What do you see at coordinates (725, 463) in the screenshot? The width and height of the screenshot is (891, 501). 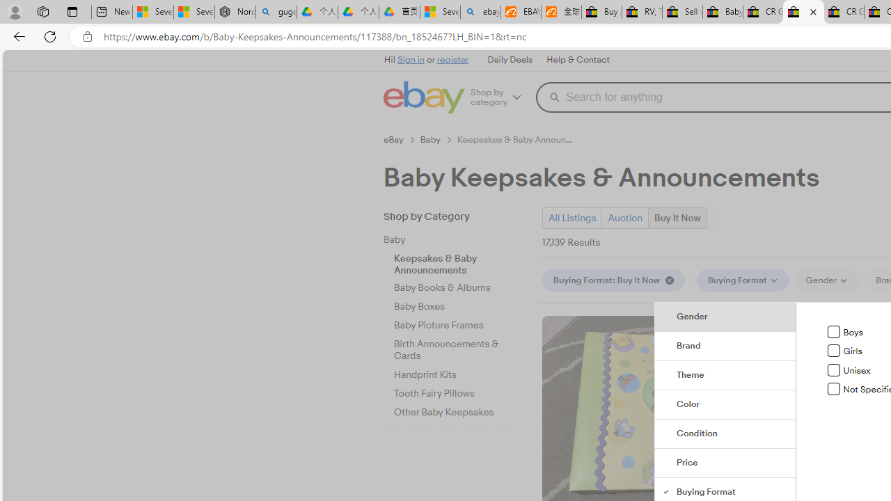 I see `'Price'` at bounding box center [725, 463].